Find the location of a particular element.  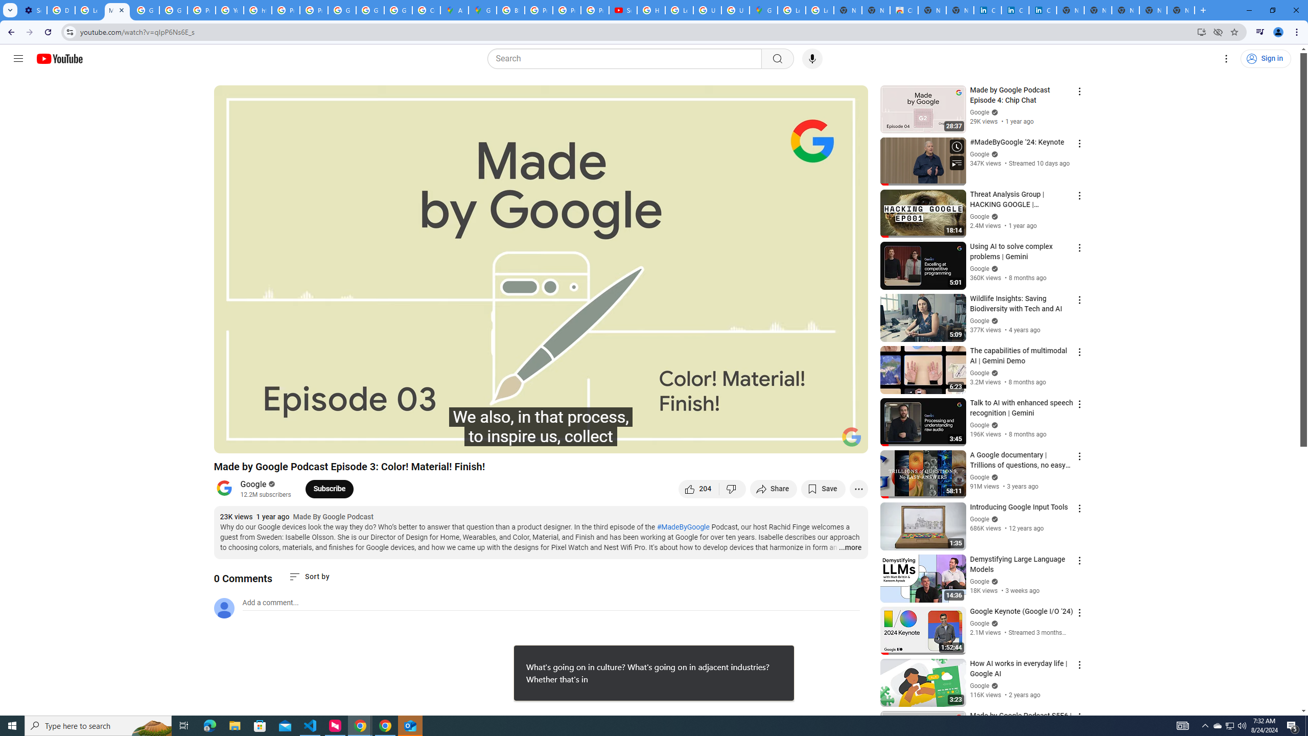

'Default profile photo' is located at coordinates (223, 607).